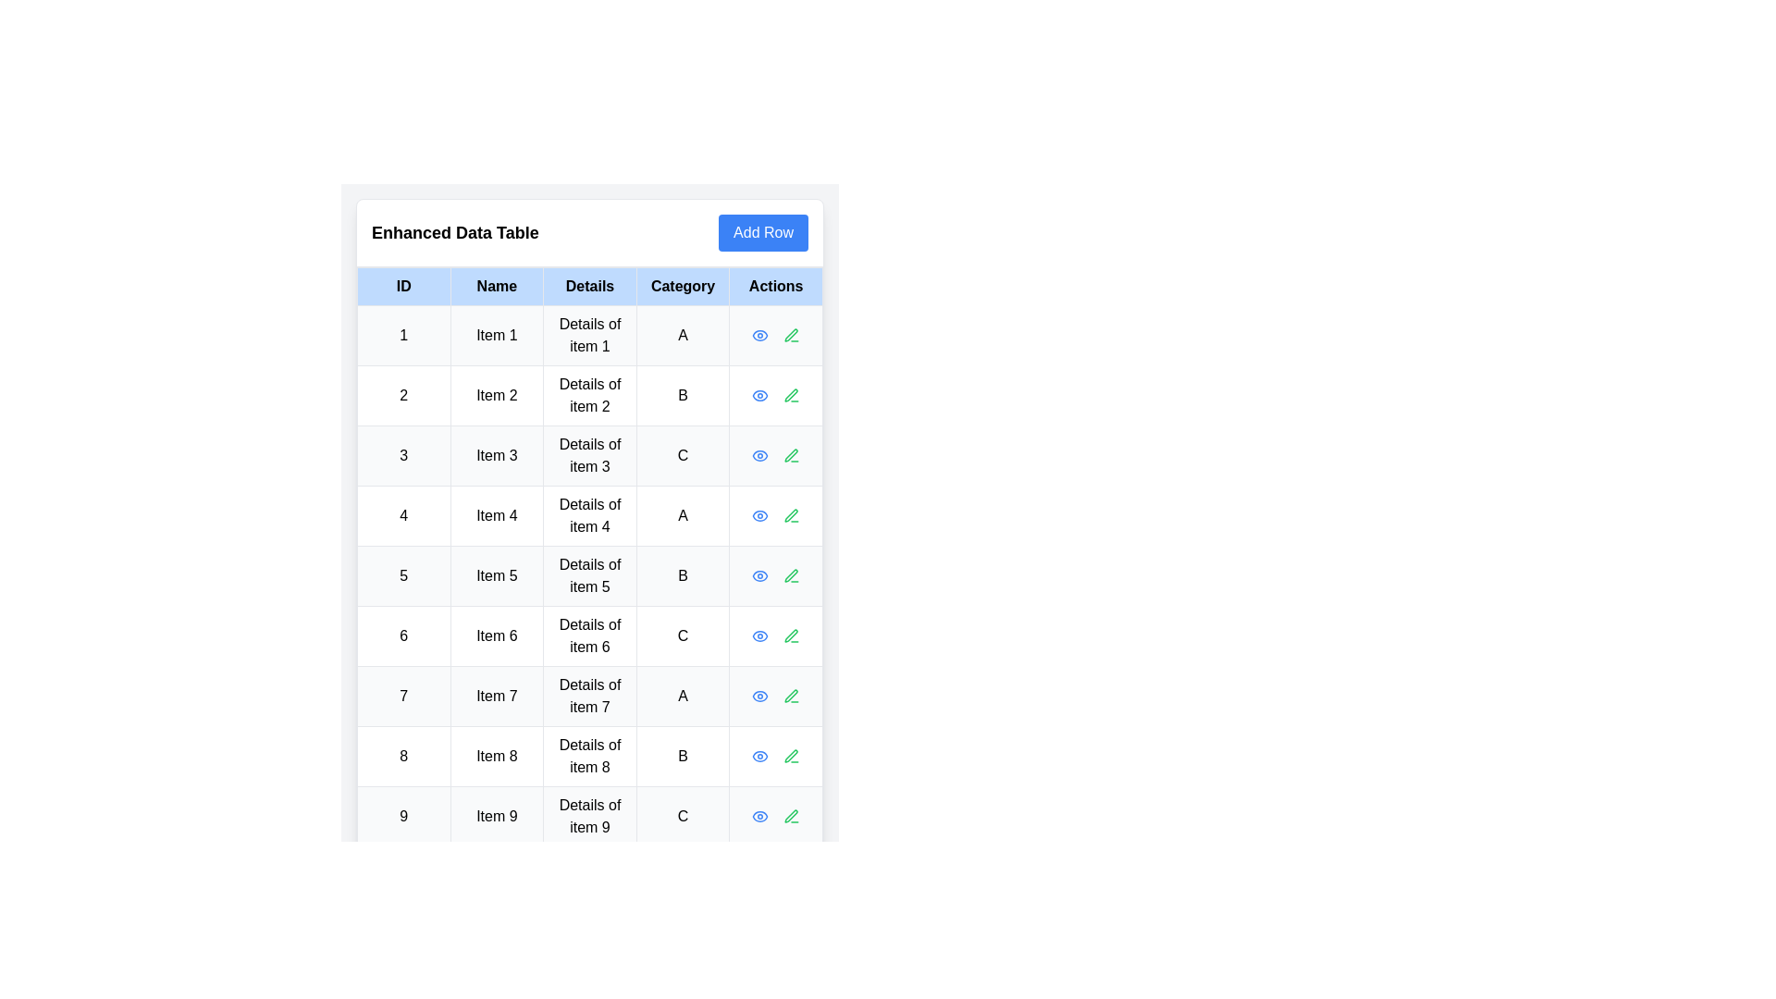 This screenshot has width=1776, height=999. Describe the element at coordinates (792, 516) in the screenshot. I see `the green pen icon in the 'Actions' column of the fourth row of the data table` at that location.